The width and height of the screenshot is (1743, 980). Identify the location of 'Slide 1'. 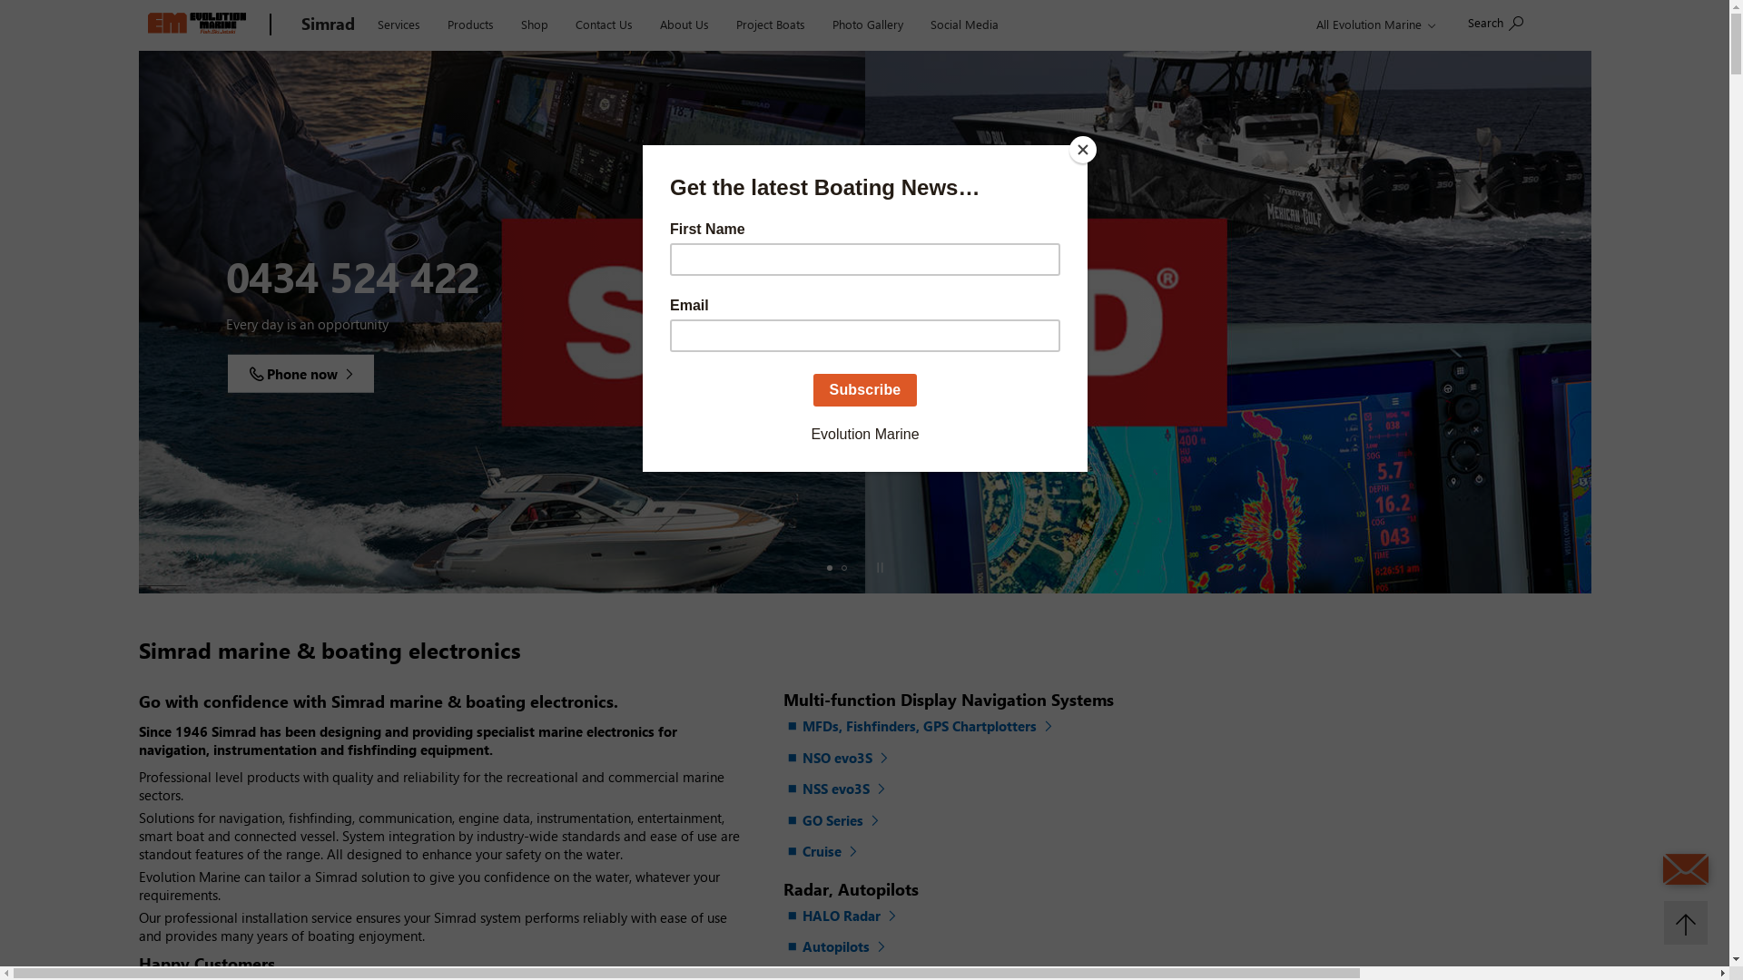
(822, 566).